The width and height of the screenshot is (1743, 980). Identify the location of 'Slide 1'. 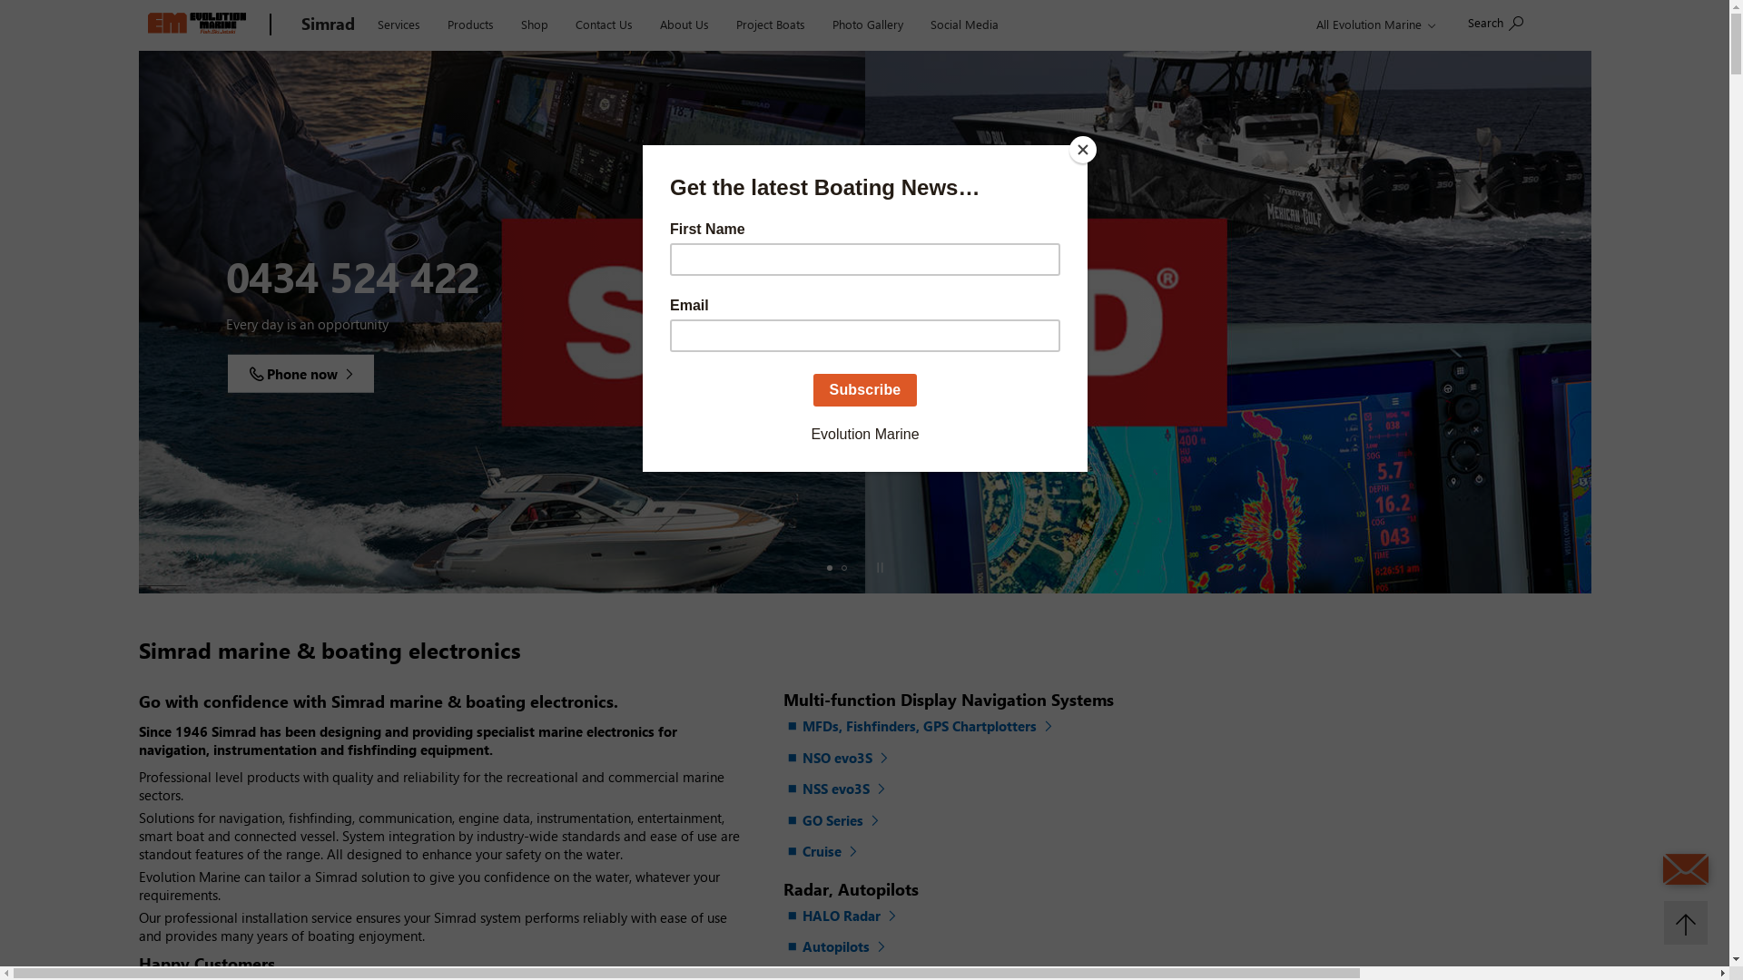
(822, 566).